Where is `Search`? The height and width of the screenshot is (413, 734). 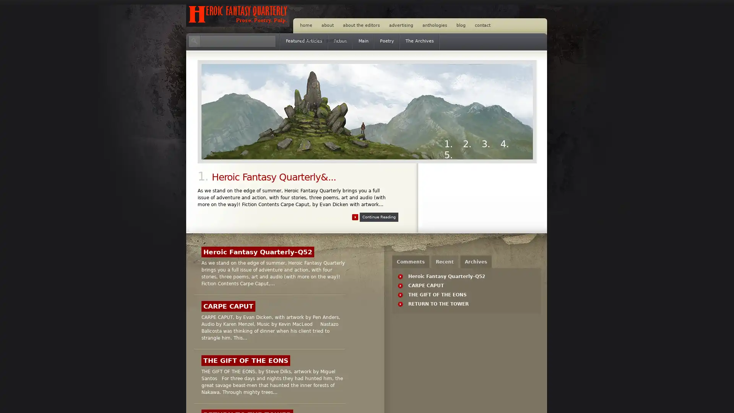
Search is located at coordinates (194, 41).